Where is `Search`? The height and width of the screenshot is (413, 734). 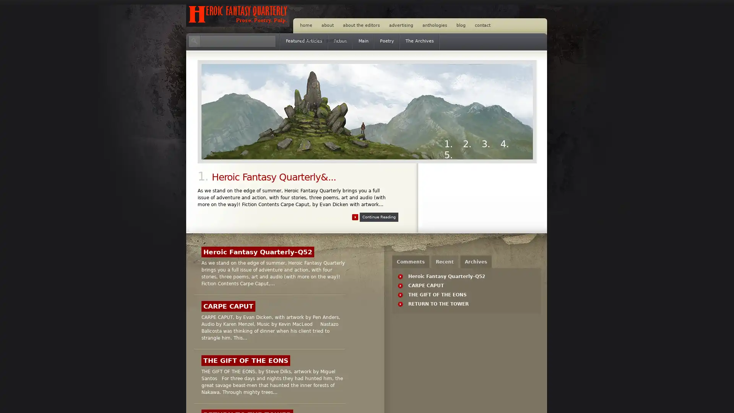
Search is located at coordinates (194, 41).